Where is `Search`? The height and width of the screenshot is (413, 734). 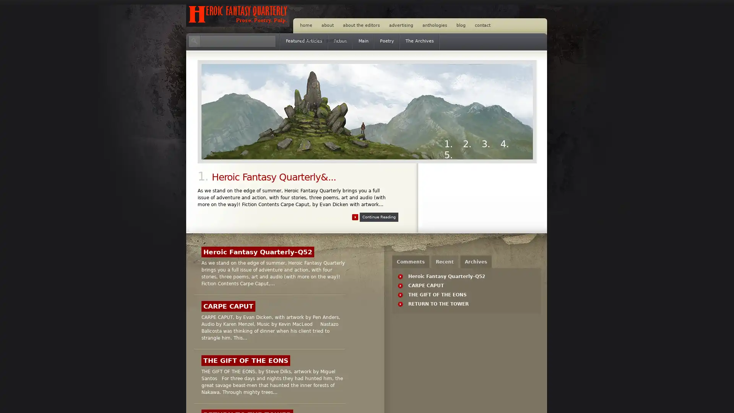
Search is located at coordinates (194, 41).